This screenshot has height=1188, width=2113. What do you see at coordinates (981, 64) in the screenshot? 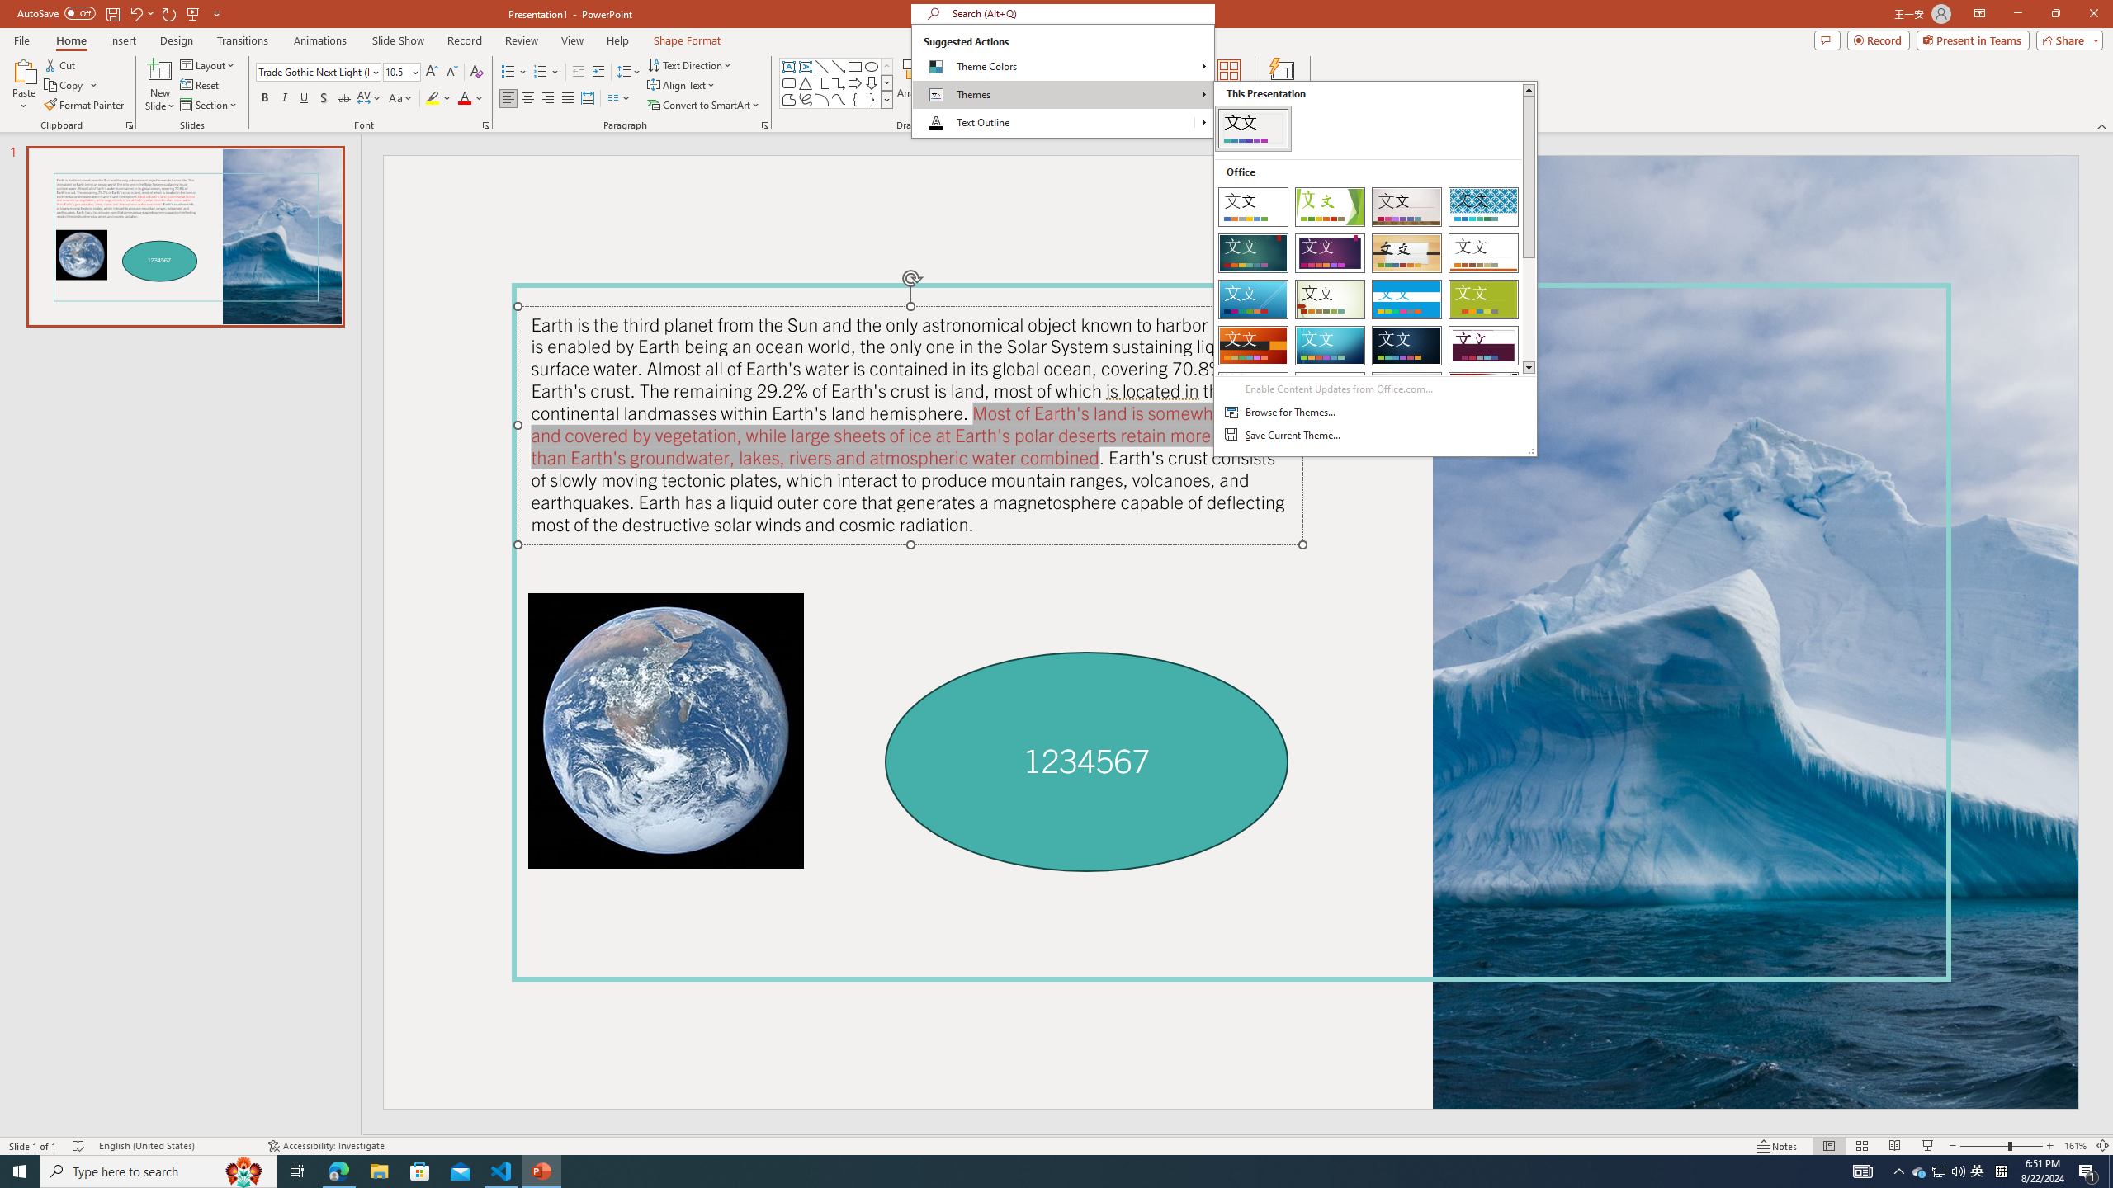
I see `'Shape Fill Aqua, Accent 2'` at bounding box center [981, 64].